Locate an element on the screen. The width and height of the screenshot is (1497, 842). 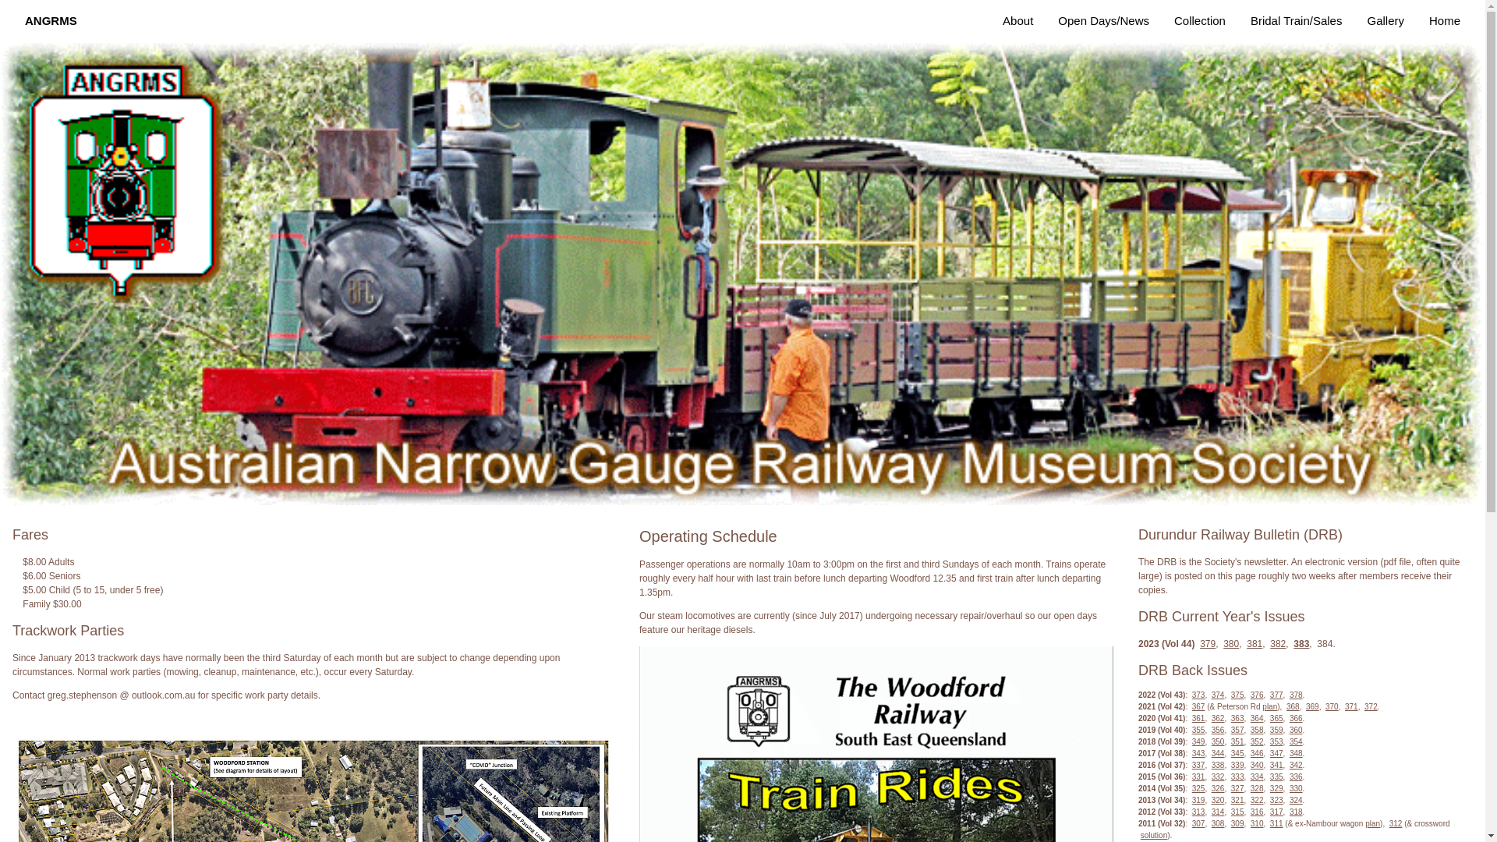
'Bridal Train/Sales' is located at coordinates (1296, 21).